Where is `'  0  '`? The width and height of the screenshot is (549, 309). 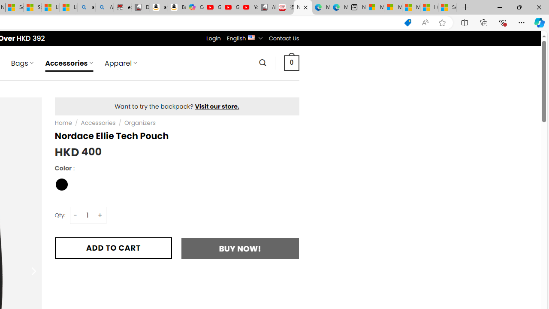
'  0  ' is located at coordinates (291, 62).